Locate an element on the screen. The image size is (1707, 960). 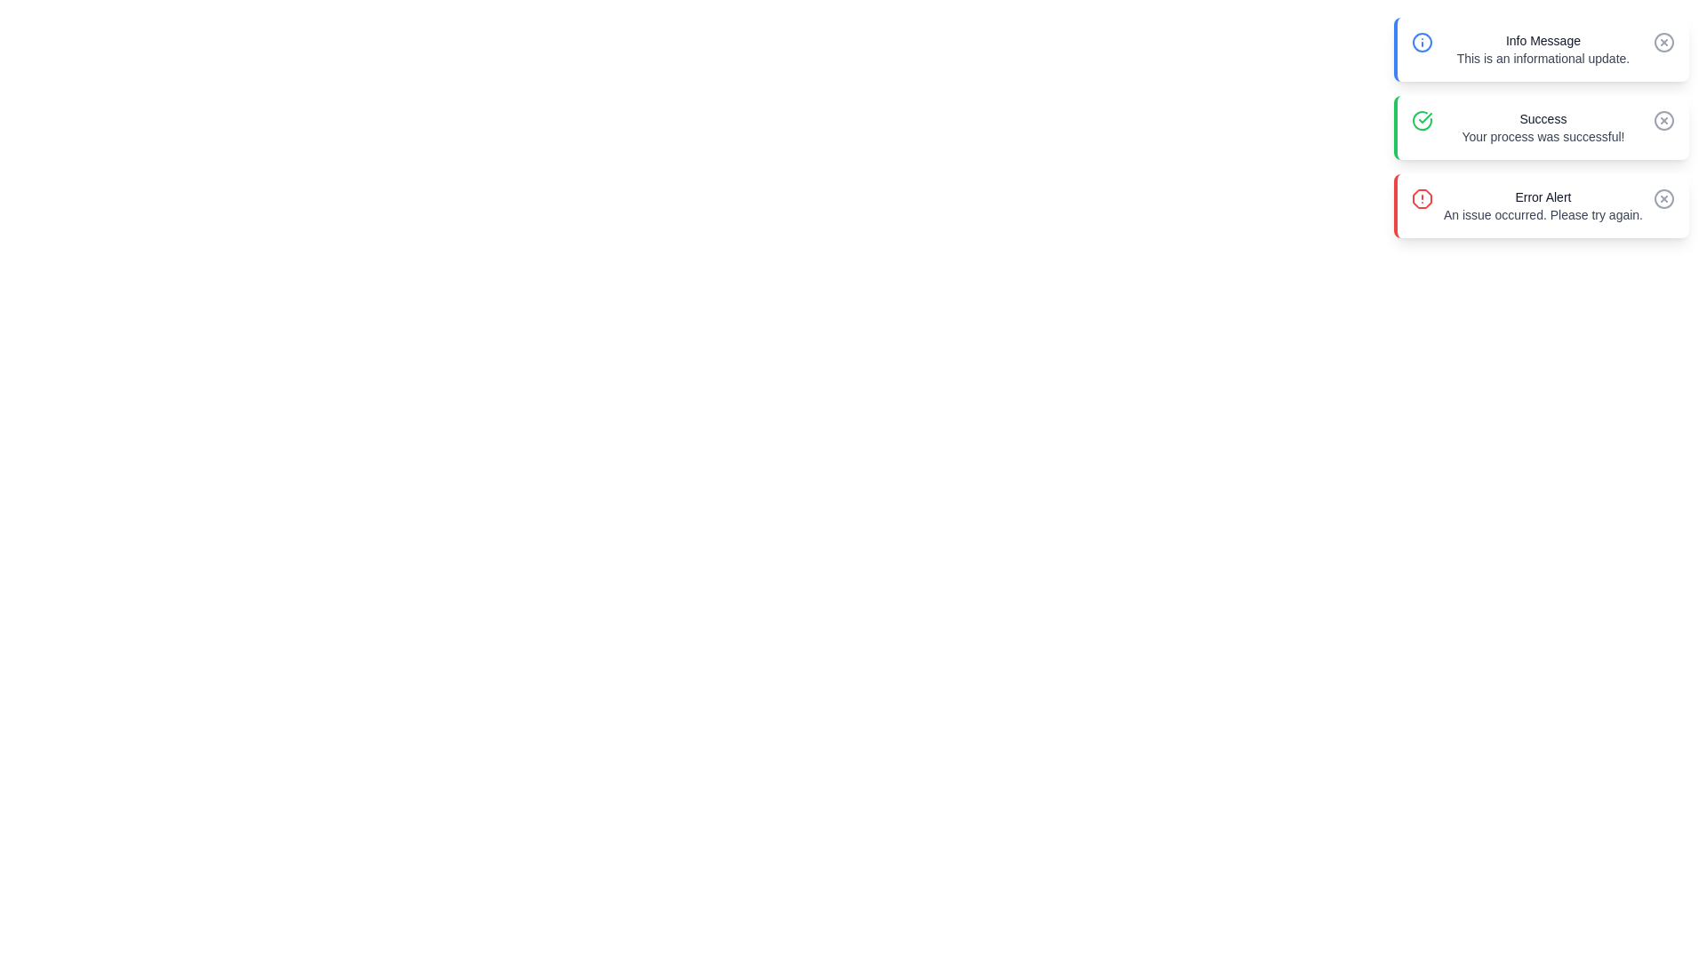
the dismiss button, which is a small light gray circular icon with an embedded 'X', located to the right of the 'Success' message in the upper-right corner of the notification box is located at coordinates (1663, 120).